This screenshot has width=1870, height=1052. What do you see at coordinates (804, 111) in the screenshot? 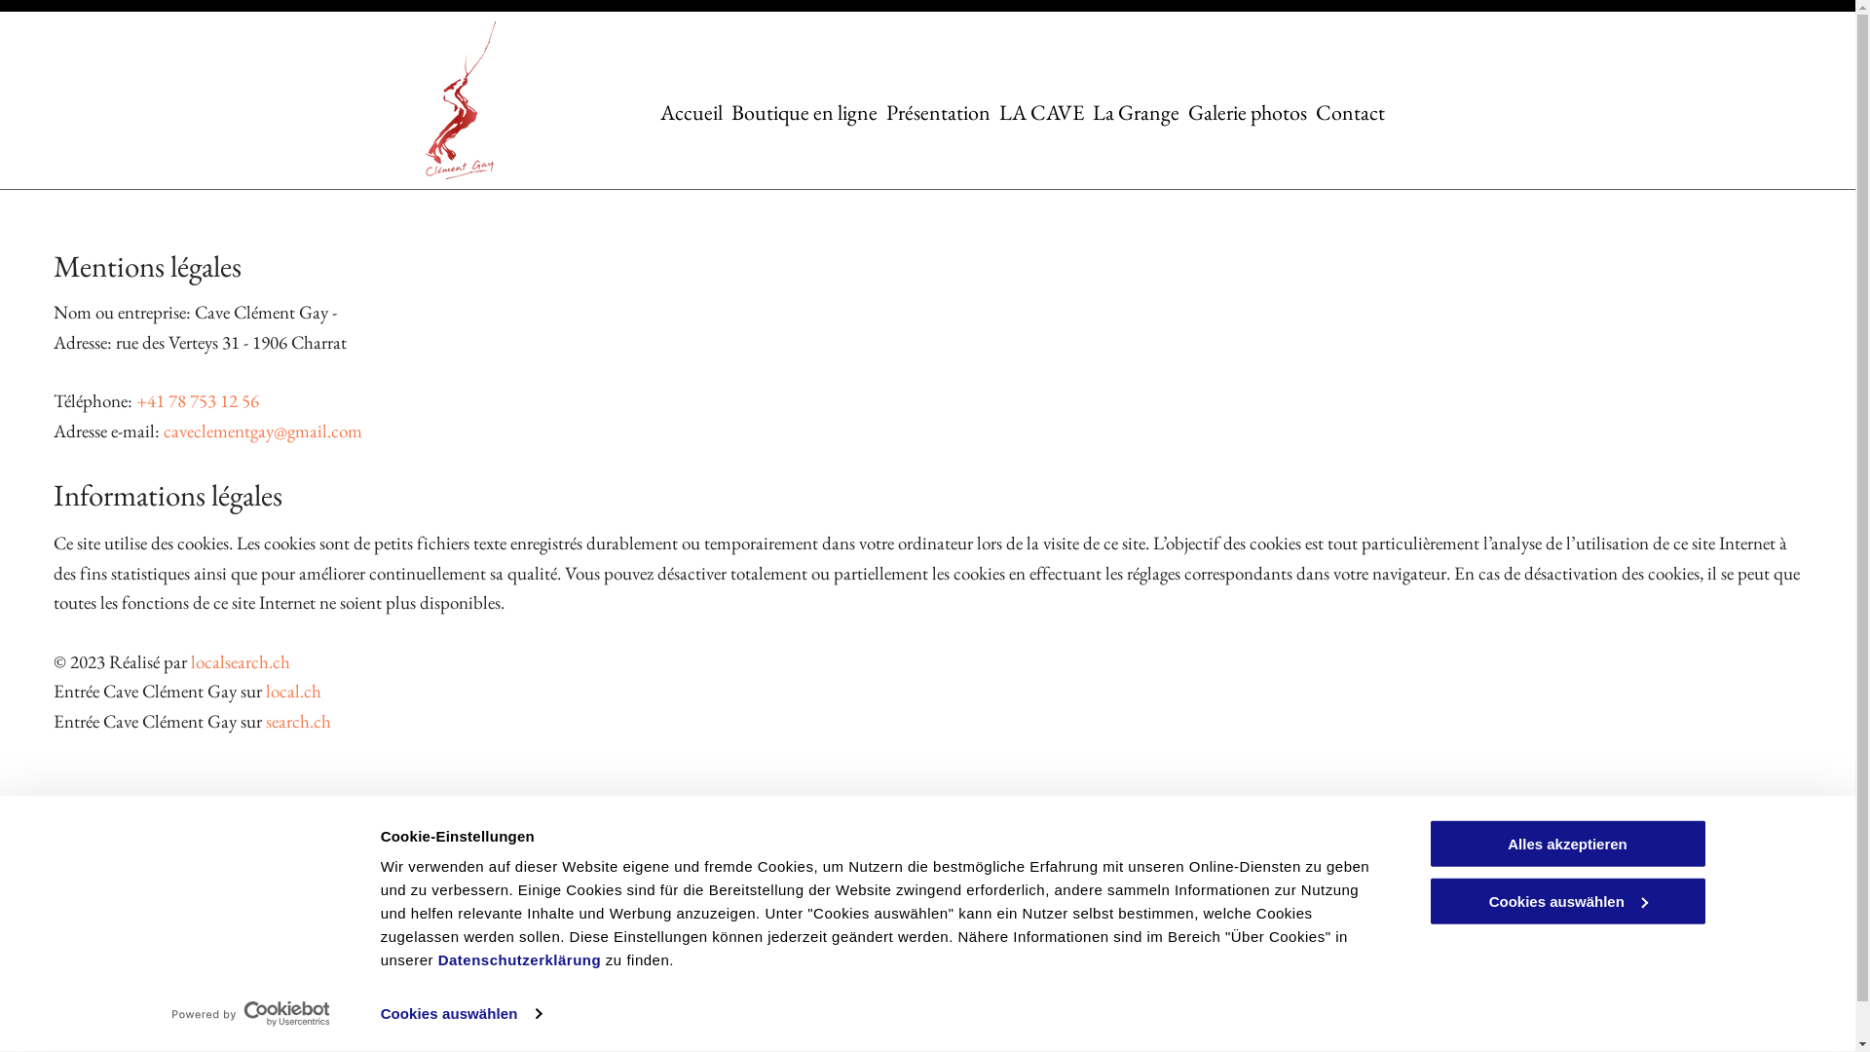
I see `'Boutique en ligne'` at bounding box center [804, 111].